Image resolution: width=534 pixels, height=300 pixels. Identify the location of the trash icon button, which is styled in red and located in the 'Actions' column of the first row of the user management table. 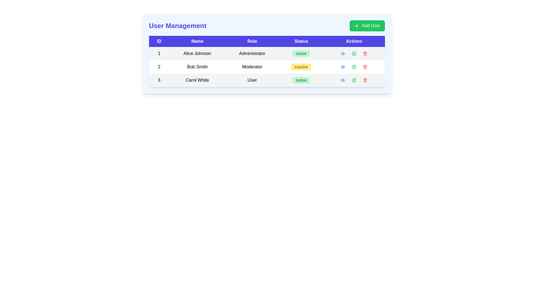
(365, 53).